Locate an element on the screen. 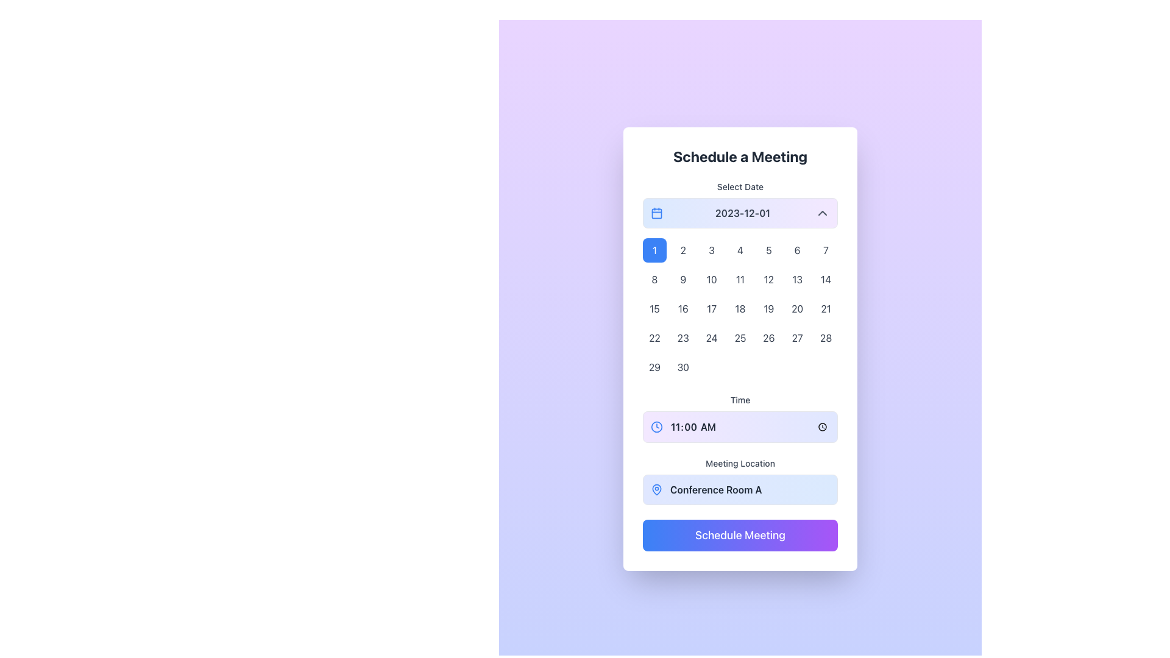 The width and height of the screenshot is (1170, 658). the Circle SVG component that visually represents the clock feature located next to the 'Time' label in the interface is located at coordinates (656, 426).